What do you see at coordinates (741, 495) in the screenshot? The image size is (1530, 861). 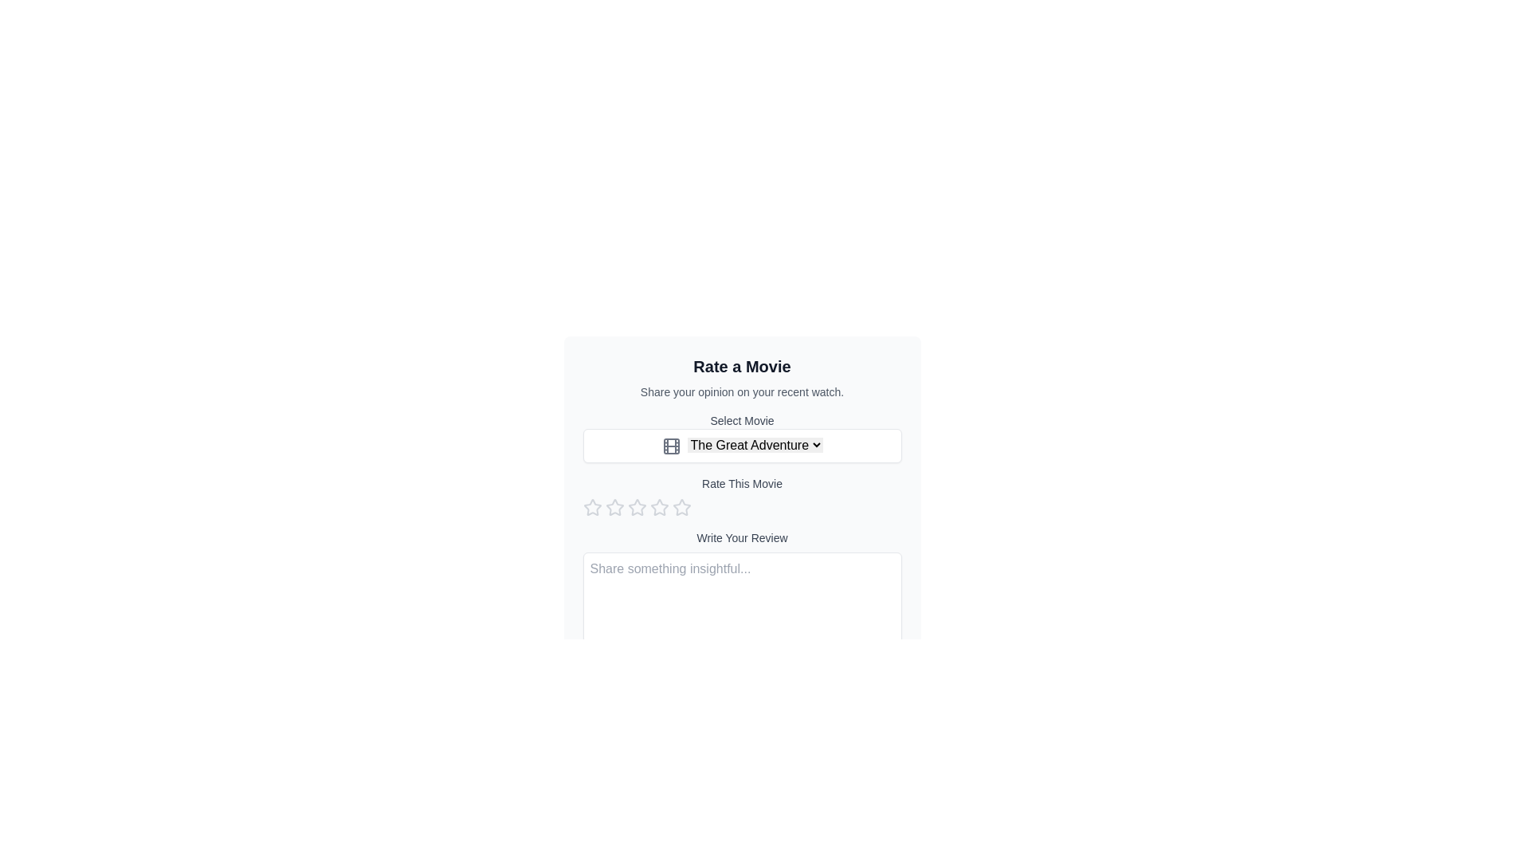 I see `the Text label that describes the purpose of the rating stars below, positioned below the 'Select Movie' dropdown and above the 'Write Your Review' text box` at bounding box center [741, 495].